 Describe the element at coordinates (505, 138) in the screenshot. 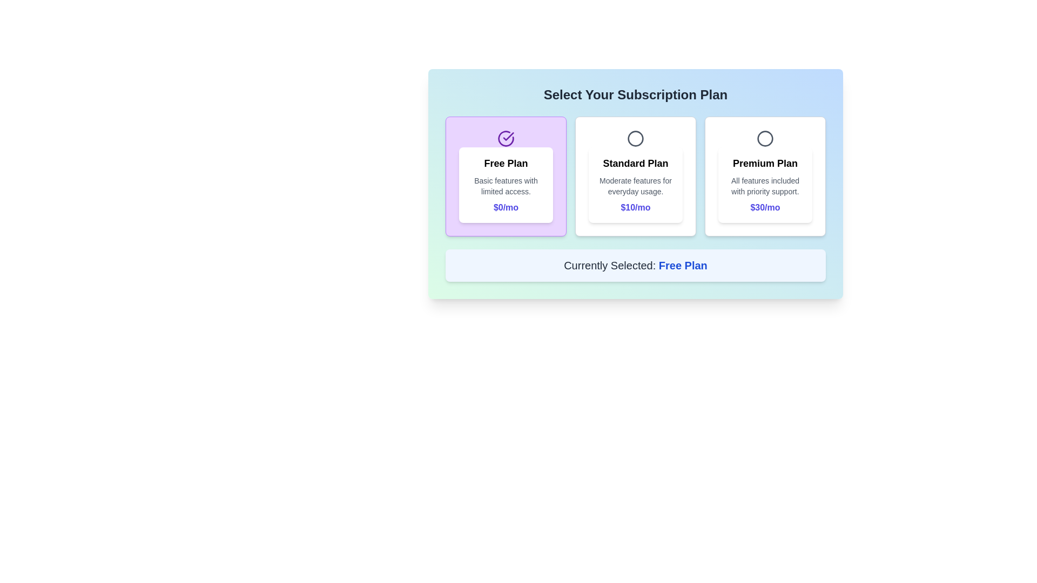

I see `the selection status icon indicating the 'Free Plan' option, located above the title 'Free Plan' in the subscription options` at that location.